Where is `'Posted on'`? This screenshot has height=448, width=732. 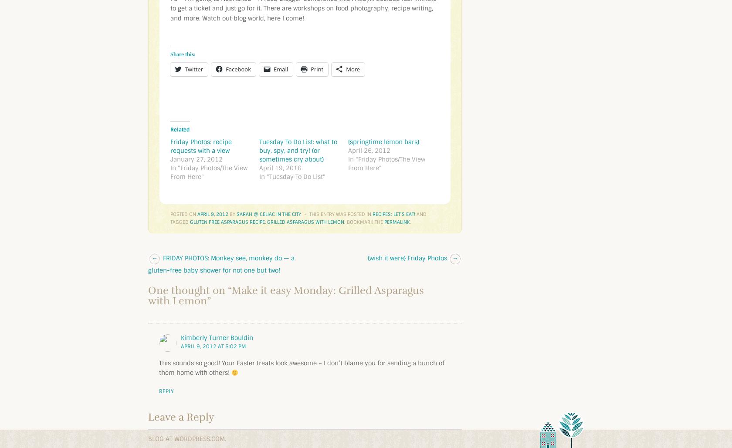 'Posted on' is located at coordinates (170, 214).